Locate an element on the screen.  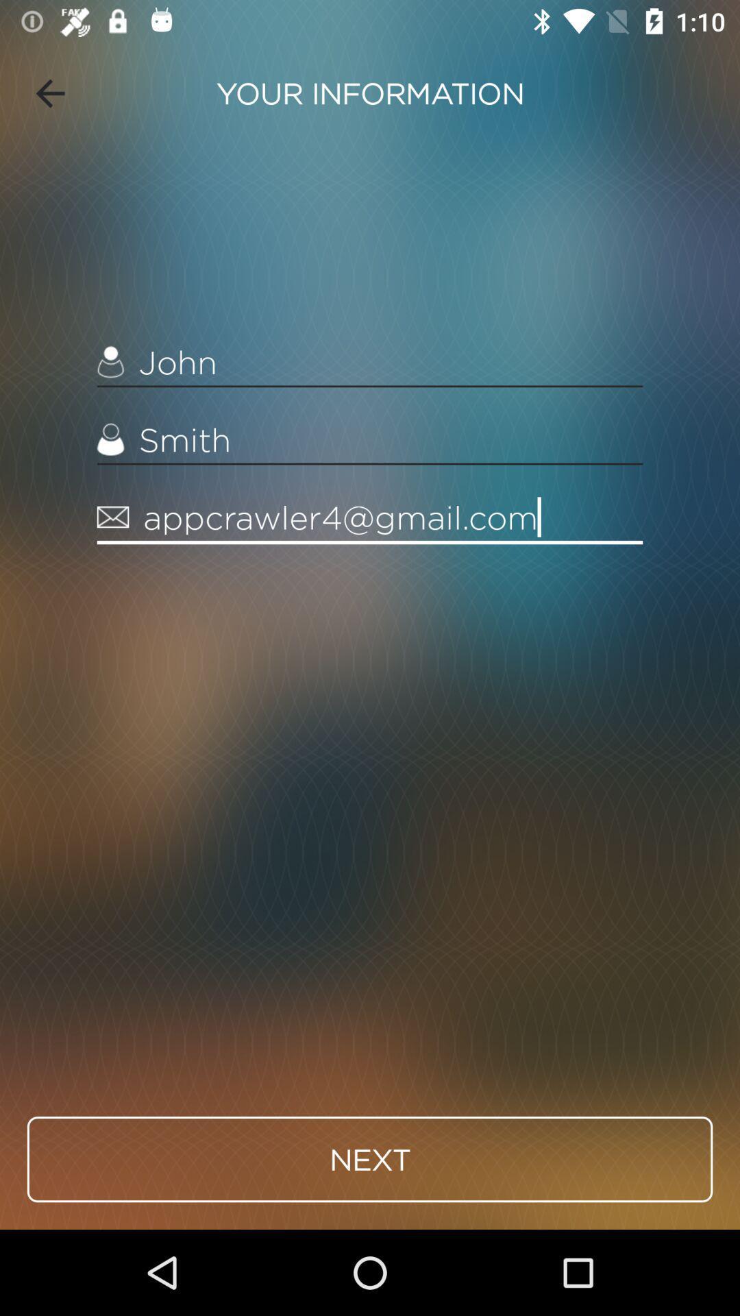
item below the smith is located at coordinates (370, 517).